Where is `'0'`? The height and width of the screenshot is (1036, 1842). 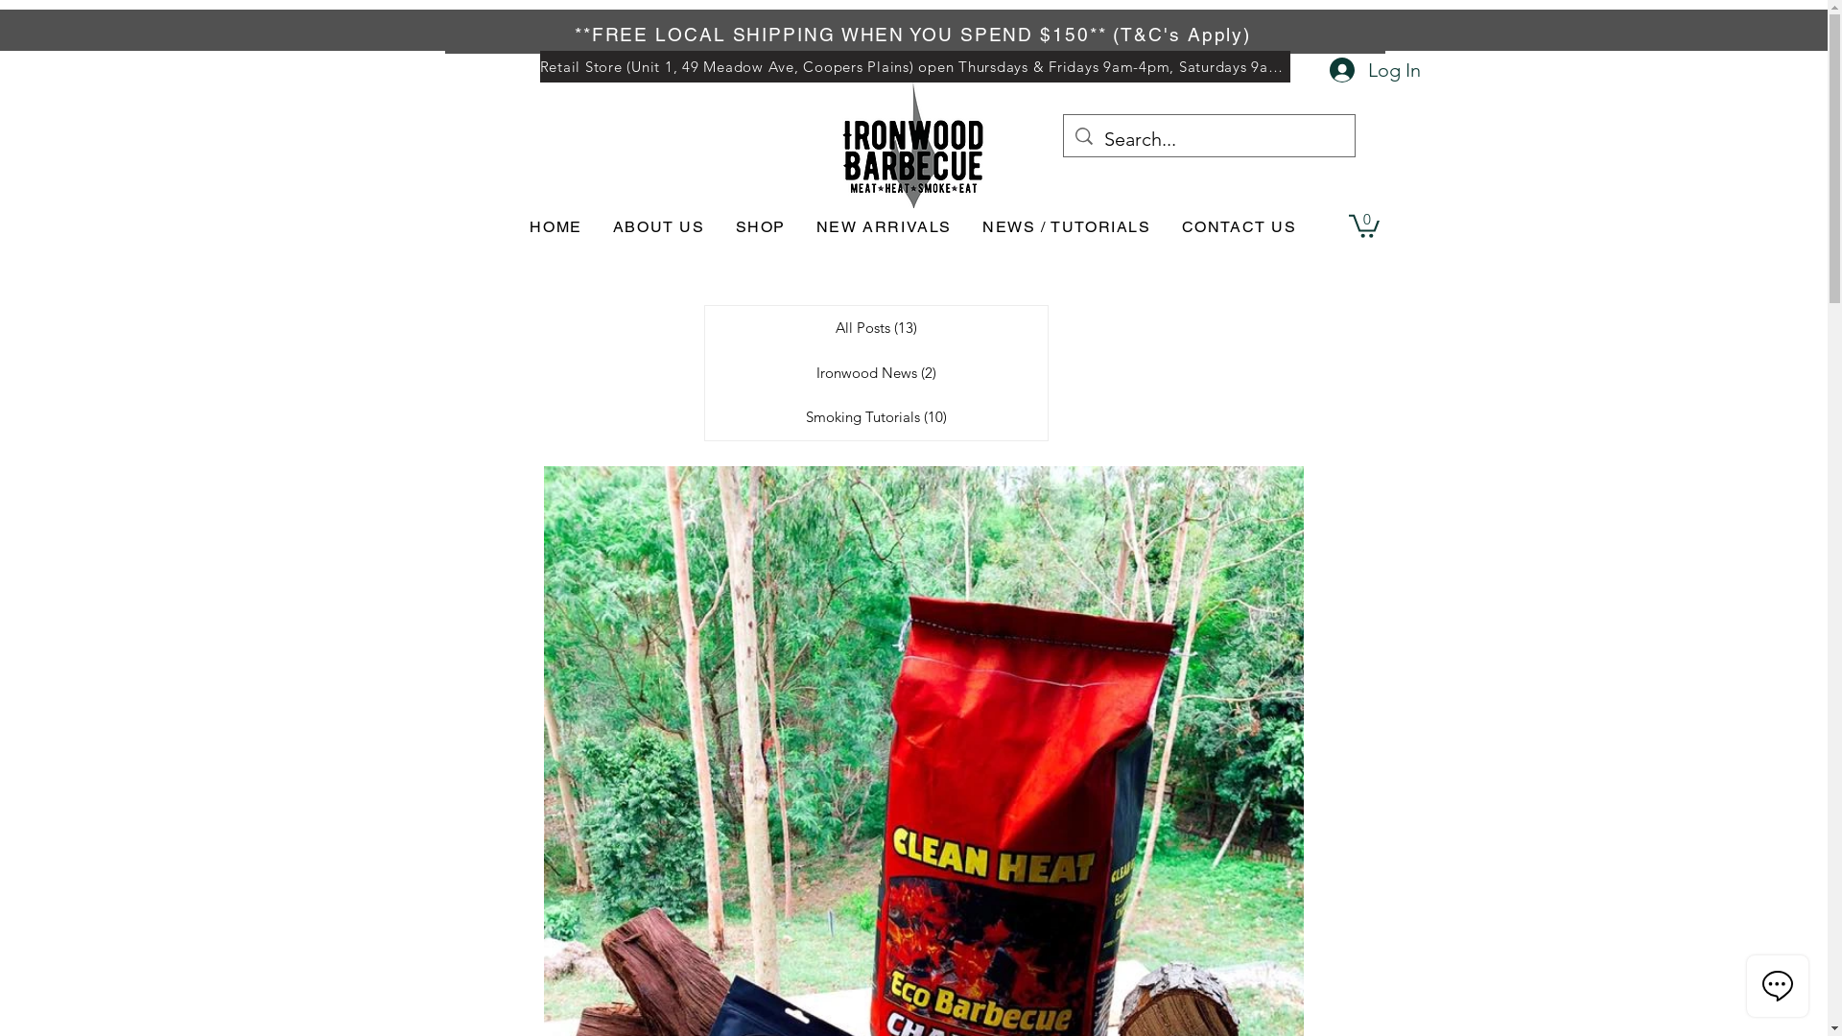
'0' is located at coordinates (1362, 224).